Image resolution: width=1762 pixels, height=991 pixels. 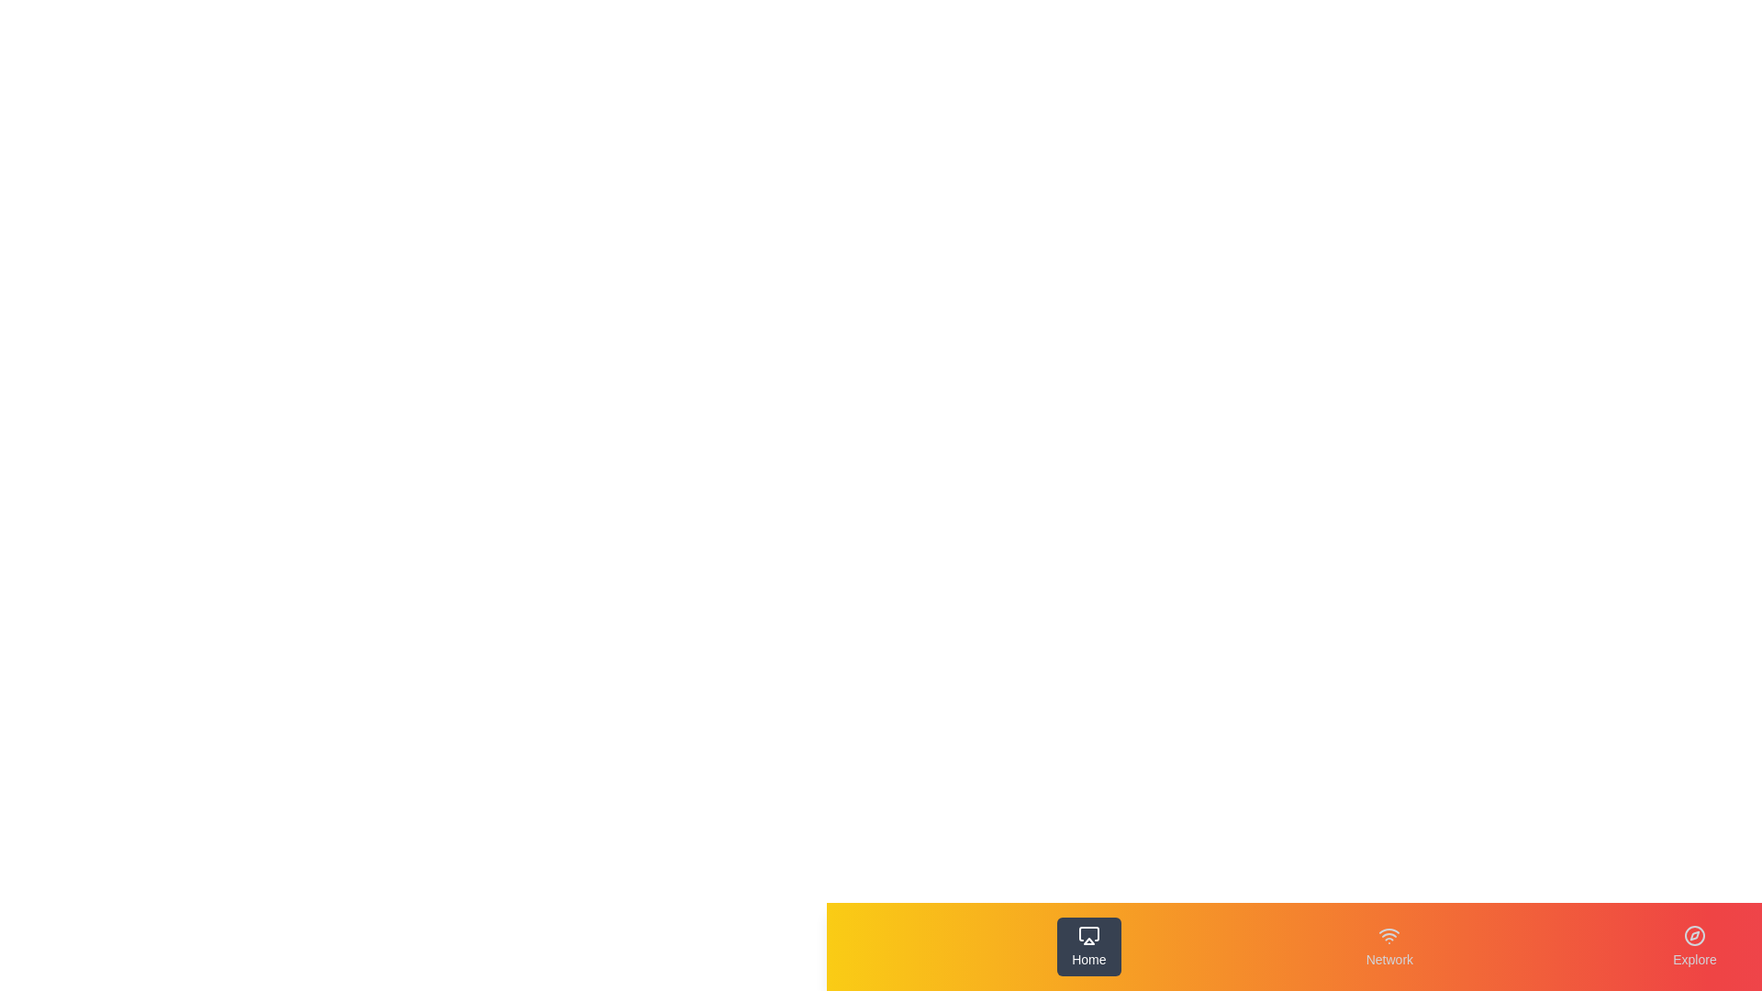 What do you see at coordinates (1389, 947) in the screenshot?
I see `the Network tab by clicking on its respective button` at bounding box center [1389, 947].